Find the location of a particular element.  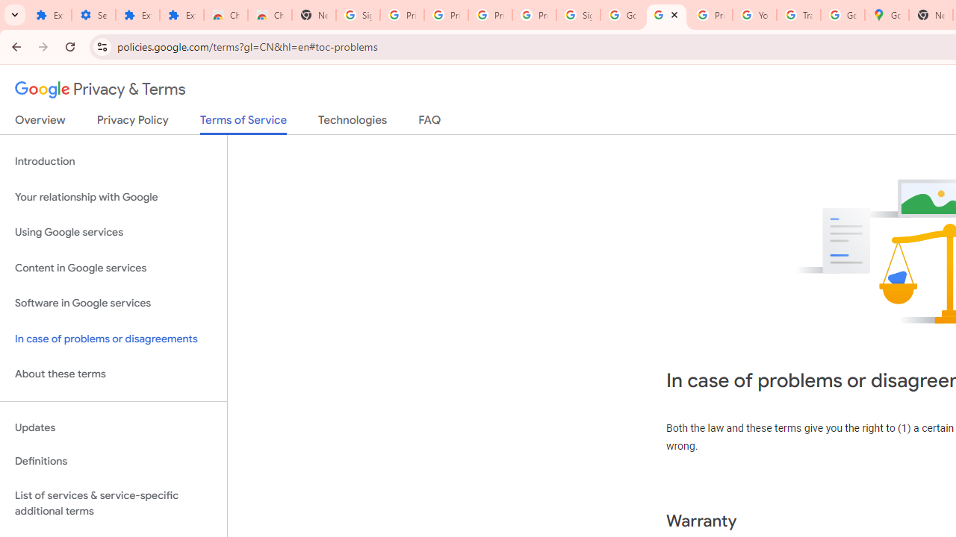

'Chrome Web Store' is located at coordinates (225, 15).